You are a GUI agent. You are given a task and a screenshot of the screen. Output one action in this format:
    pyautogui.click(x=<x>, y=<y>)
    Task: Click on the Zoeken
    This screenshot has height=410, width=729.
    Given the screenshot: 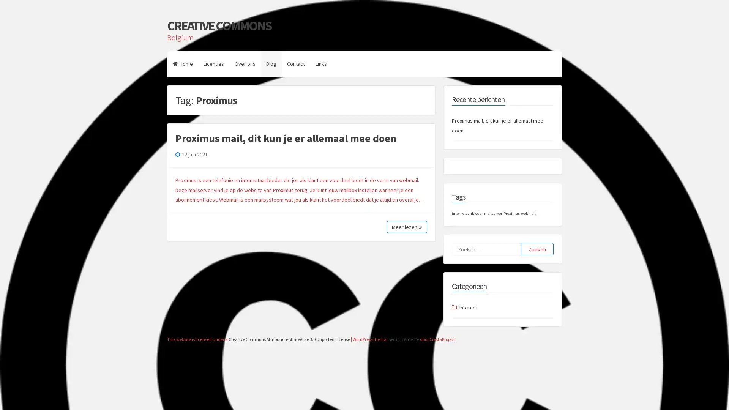 What is the action you would take?
    pyautogui.click(x=537, y=249)
    